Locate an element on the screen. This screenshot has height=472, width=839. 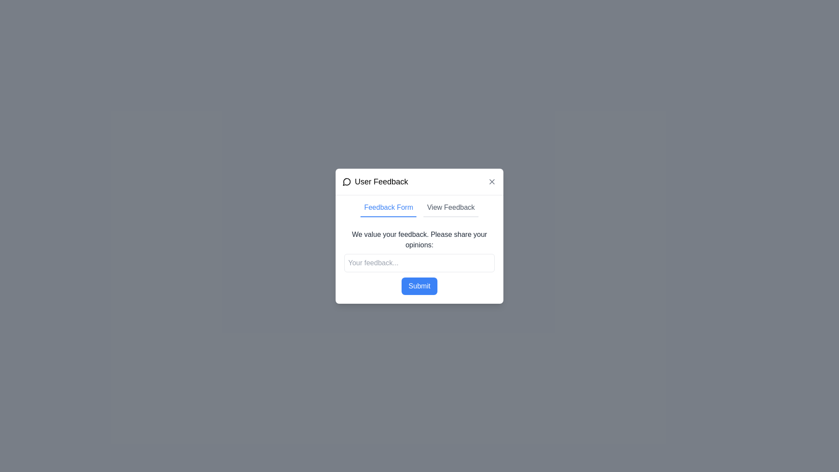
the close button located in the top-right corner of the 'User Feedback' modal dialog is located at coordinates (492, 181).